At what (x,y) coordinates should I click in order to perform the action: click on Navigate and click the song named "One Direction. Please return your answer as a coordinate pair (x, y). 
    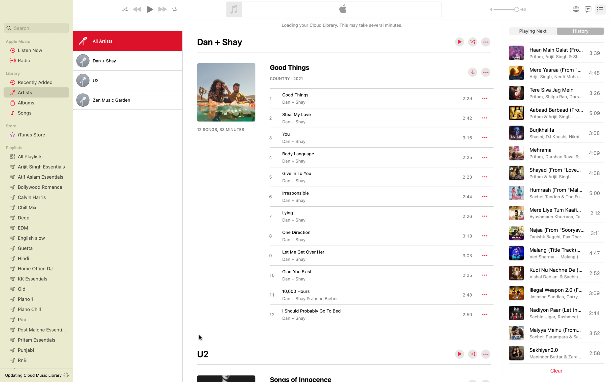
    Looking at the image, I should click on (370, 235).